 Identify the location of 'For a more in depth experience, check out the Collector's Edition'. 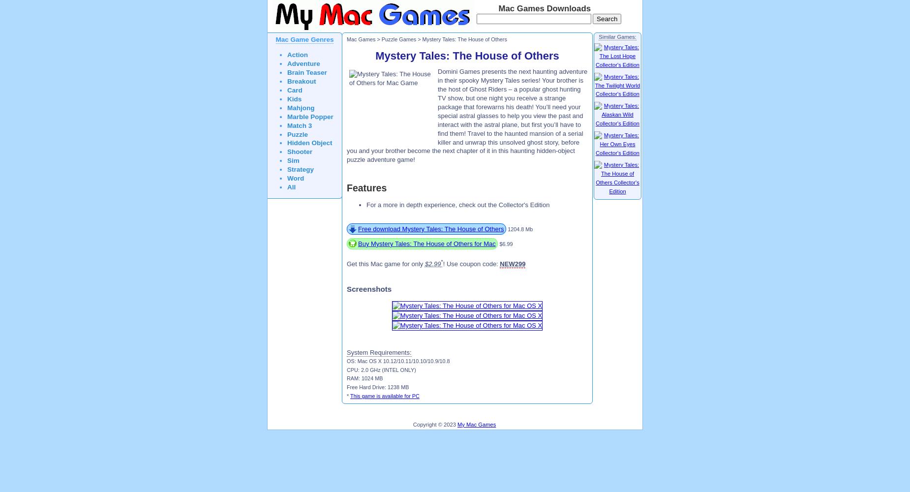
(457, 205).